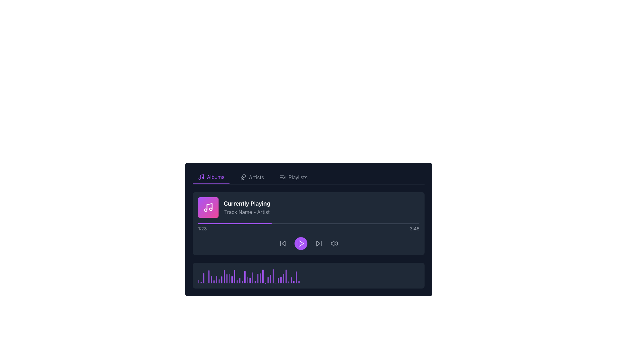  Describe the element at coordinates (319, 244) in the screenshot. I see `the Icon button designed for media control, which is the third button in the playback controls row` at that location.